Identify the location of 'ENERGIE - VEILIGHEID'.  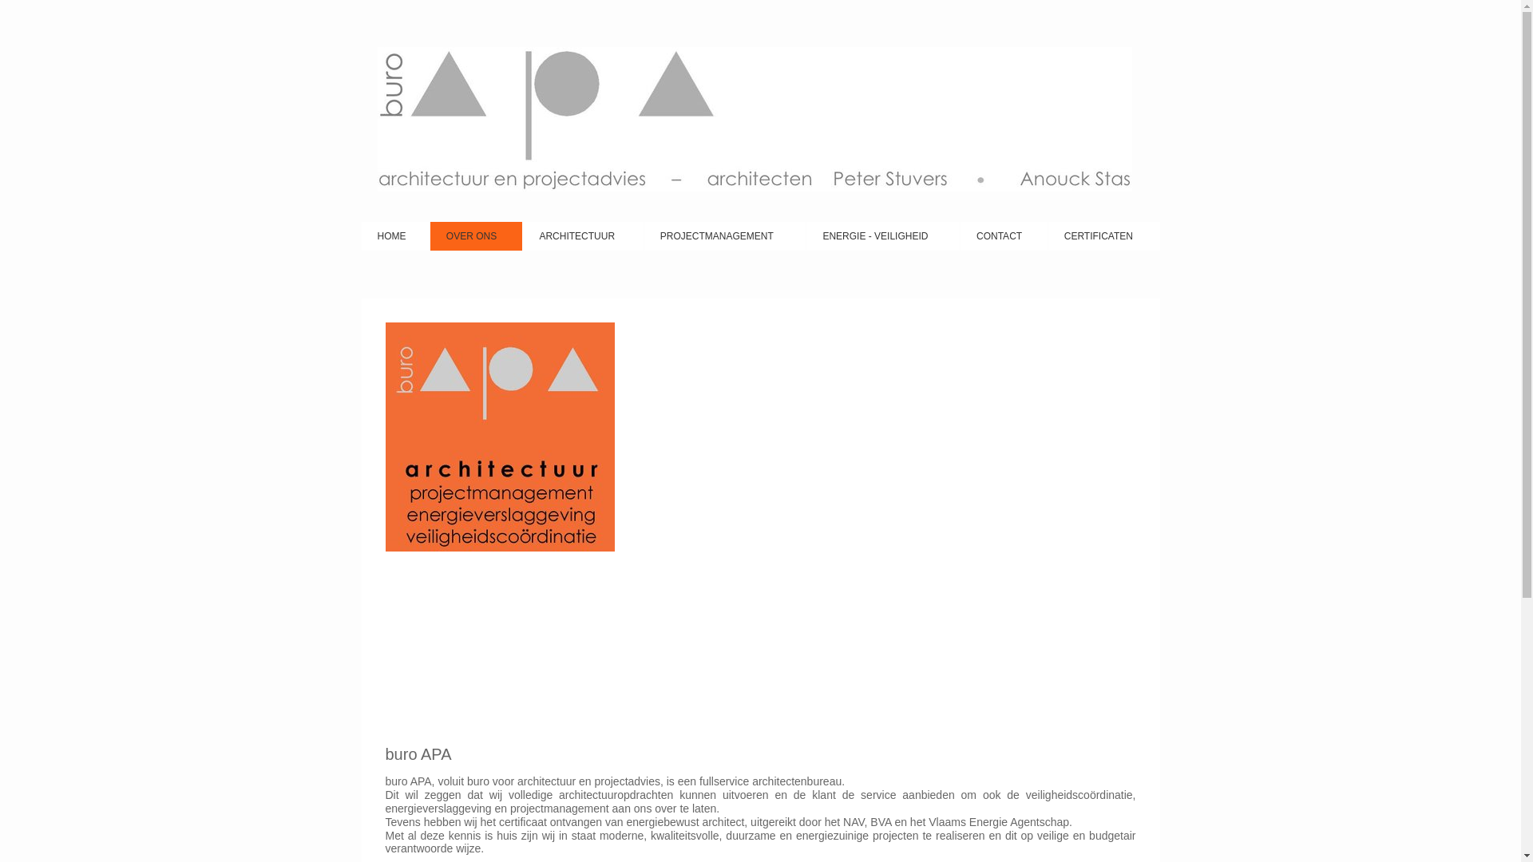
(881, 236).